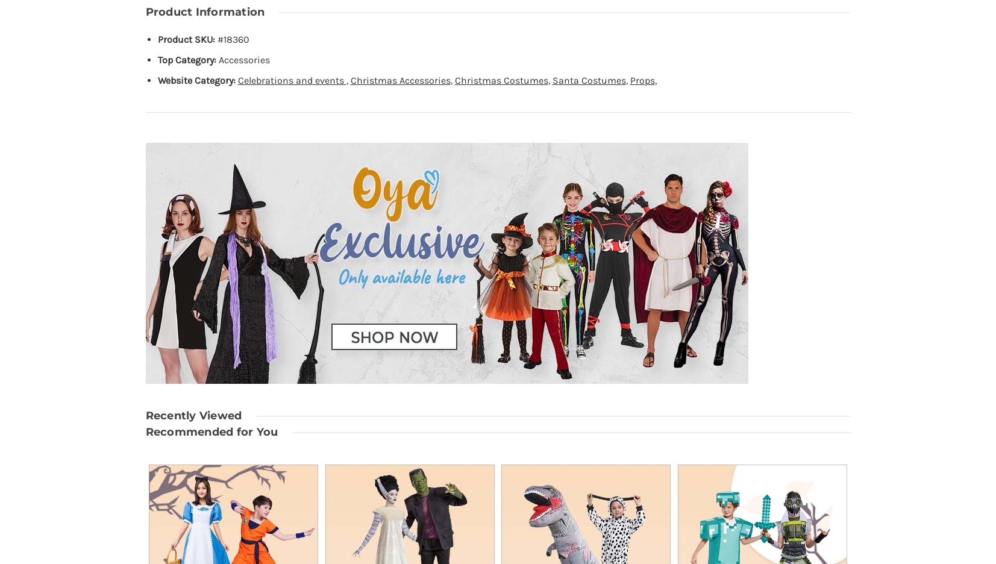  Describe the element at coordinates (210, 431) in the screenshot. I see `'Recommended for You'` at that location.